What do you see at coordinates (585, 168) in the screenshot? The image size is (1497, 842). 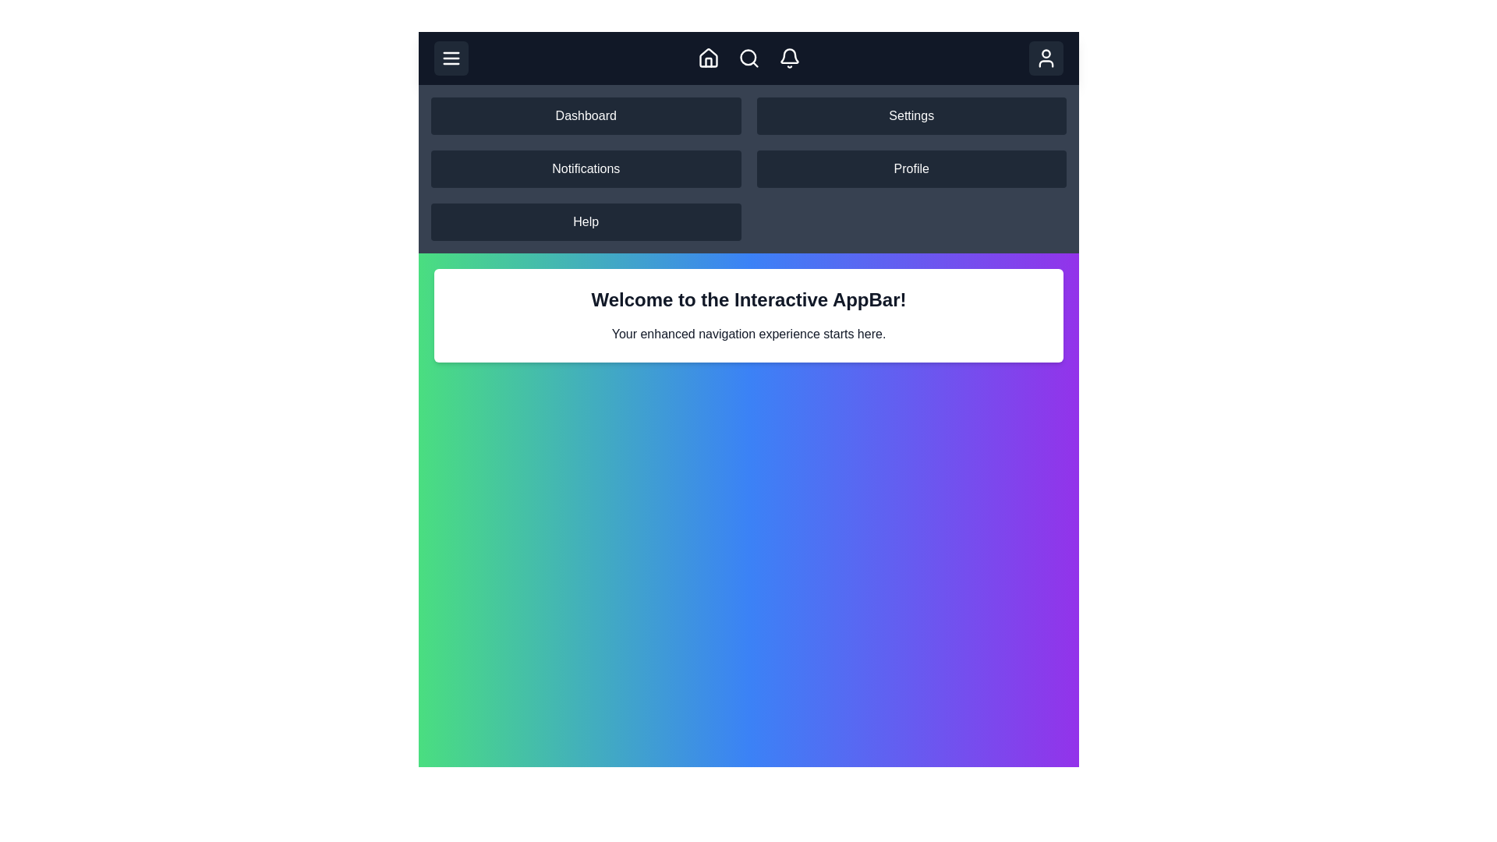 I see `the navigation item Notifications` at bounding box center [585, 168].